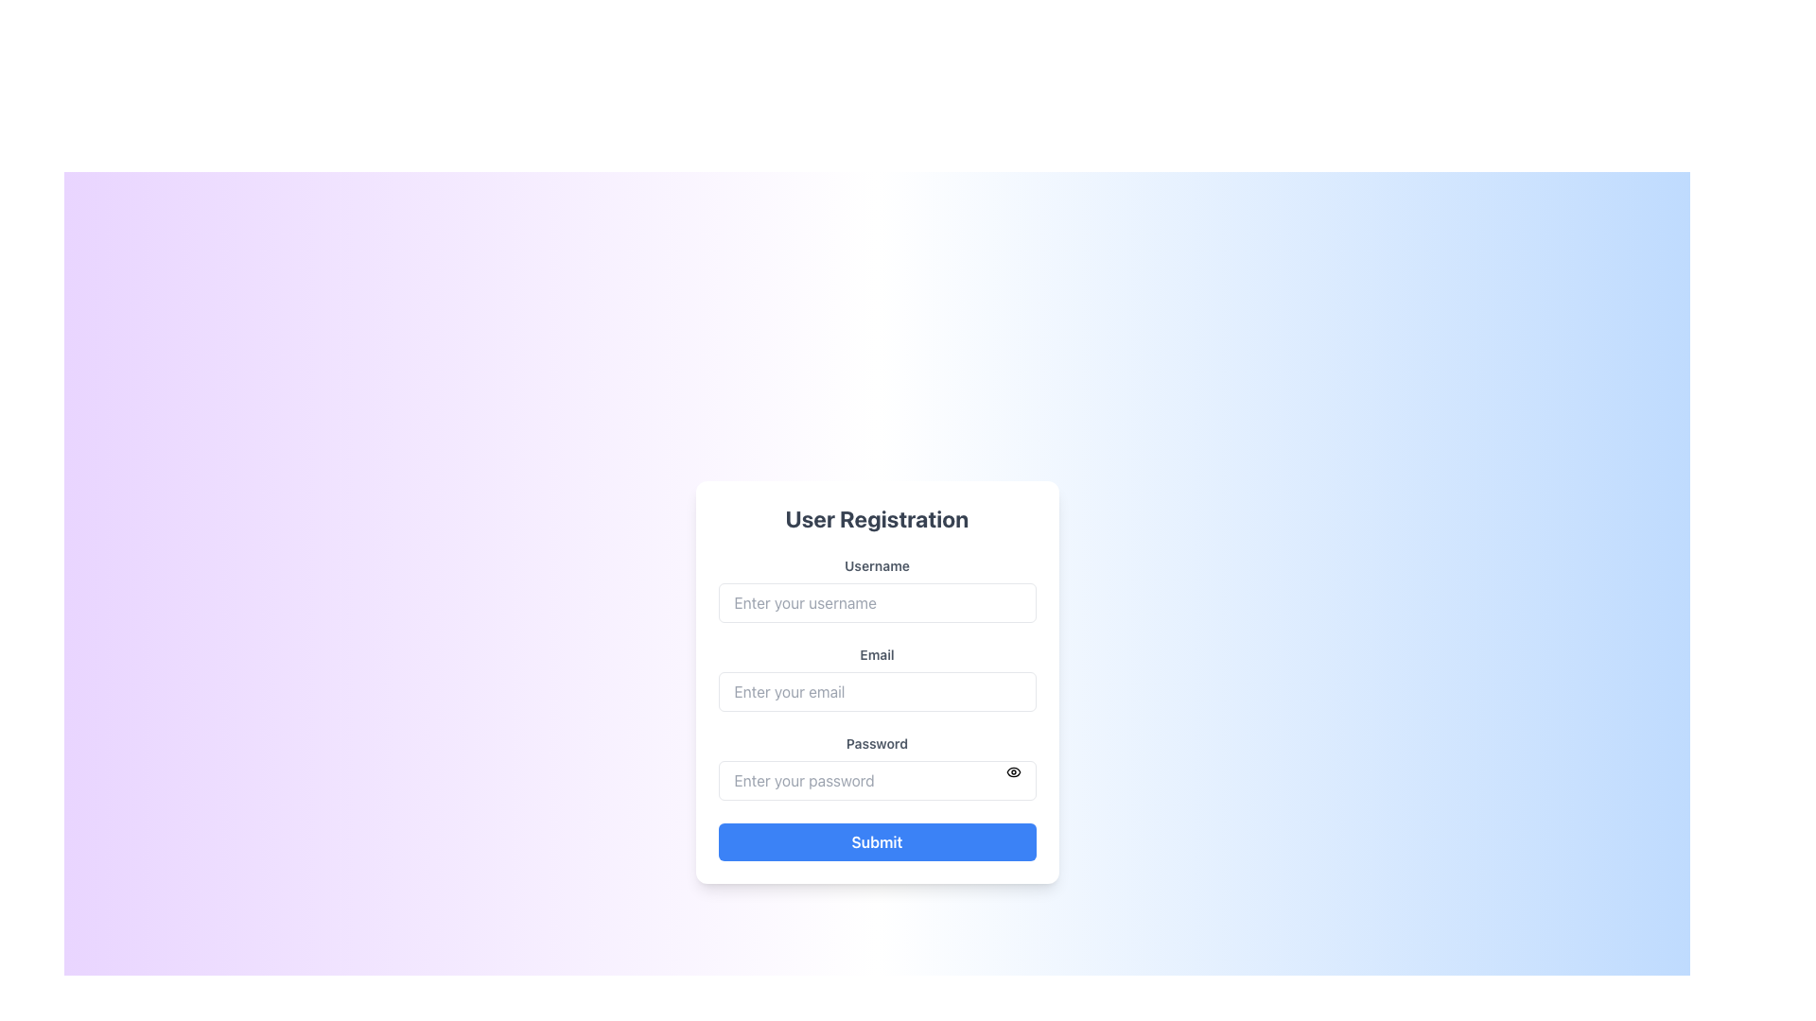 This screenshot has width=1816, height=1021. What do you see at coordinates (876, 768) in the screenshot?
I see `the password input field labeled 'Password' to focus it, which is located in the center of the 'User Registration' modal below the 'Email' input field` at bounding box center [876, 768].